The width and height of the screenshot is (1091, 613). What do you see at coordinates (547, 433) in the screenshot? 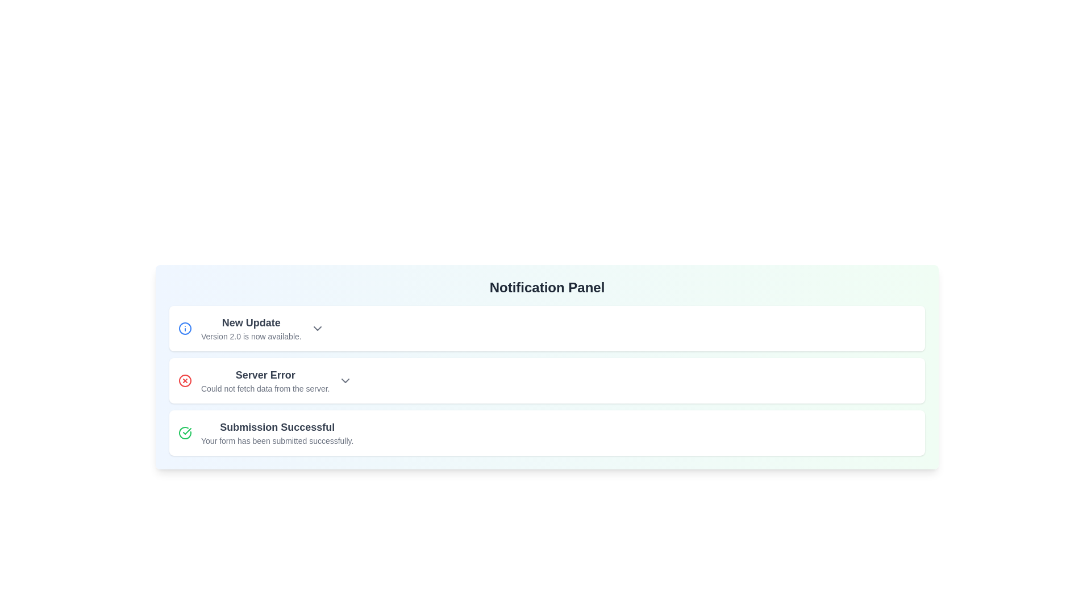
I see `the Notification box that informs users about the successful form submission, located beneath the 'Server Error' message` at bounding box center [547, 433].